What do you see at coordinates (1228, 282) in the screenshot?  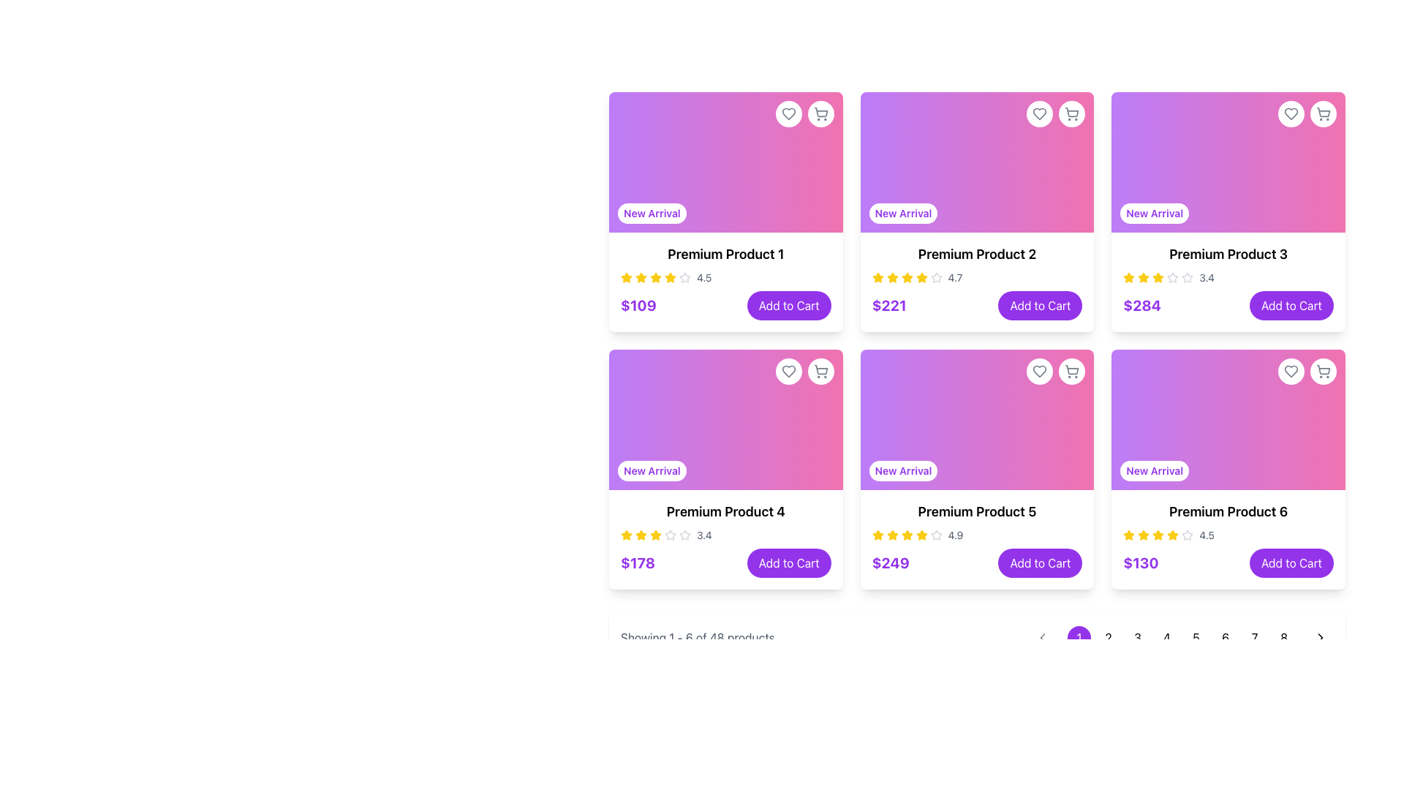 I see `the Product Description Card located in the top right corner of the grid layout` at bounding box center [1228, 282].